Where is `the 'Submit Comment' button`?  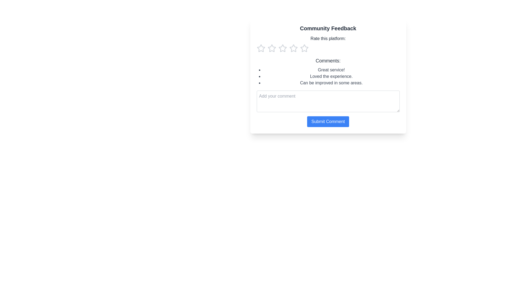
the 'Submit Comment' button is located at coordinates (328, 122).